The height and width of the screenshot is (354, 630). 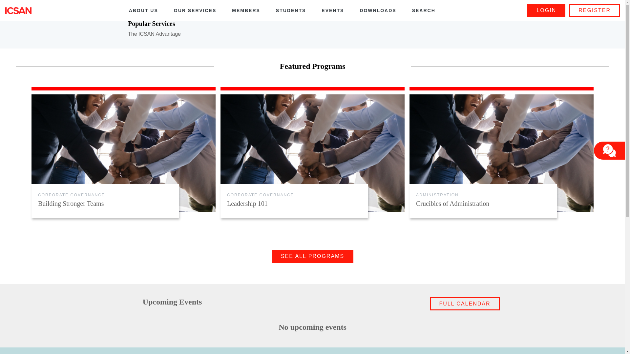 I want to click on 'EVENTS', so click(x=332, y=10).